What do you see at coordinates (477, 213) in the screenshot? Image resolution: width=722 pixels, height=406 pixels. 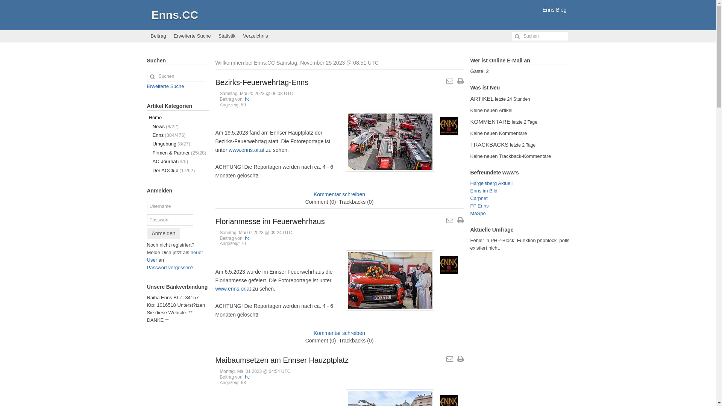 I see `'MaSpo'` at bounding box center [477, 213].